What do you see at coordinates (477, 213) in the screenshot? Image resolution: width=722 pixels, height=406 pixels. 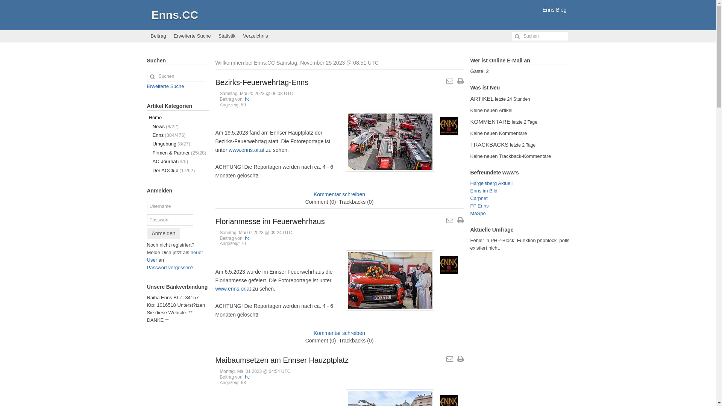 I see `'MaSpo'` at bounding box center [477, 213].